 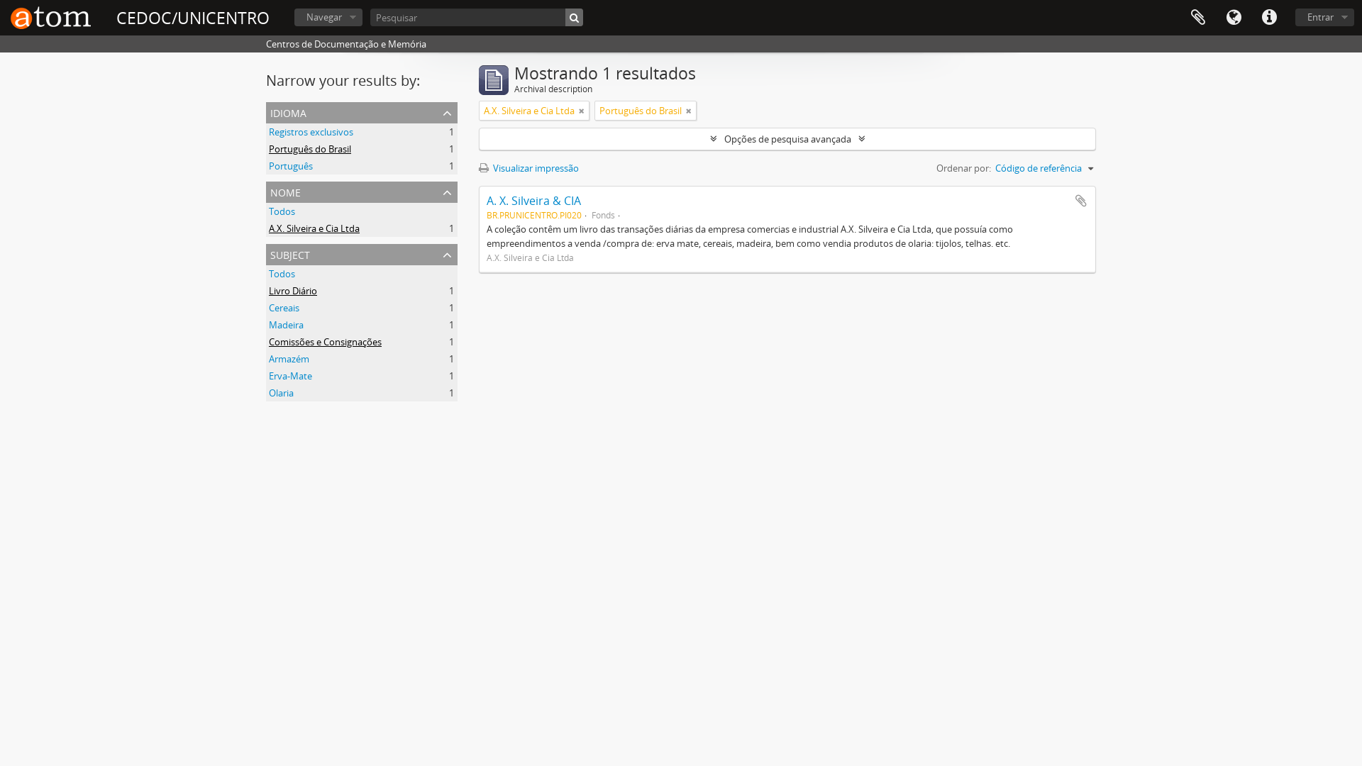 I want to click on 'Navegar', so click(x=293, y=17).